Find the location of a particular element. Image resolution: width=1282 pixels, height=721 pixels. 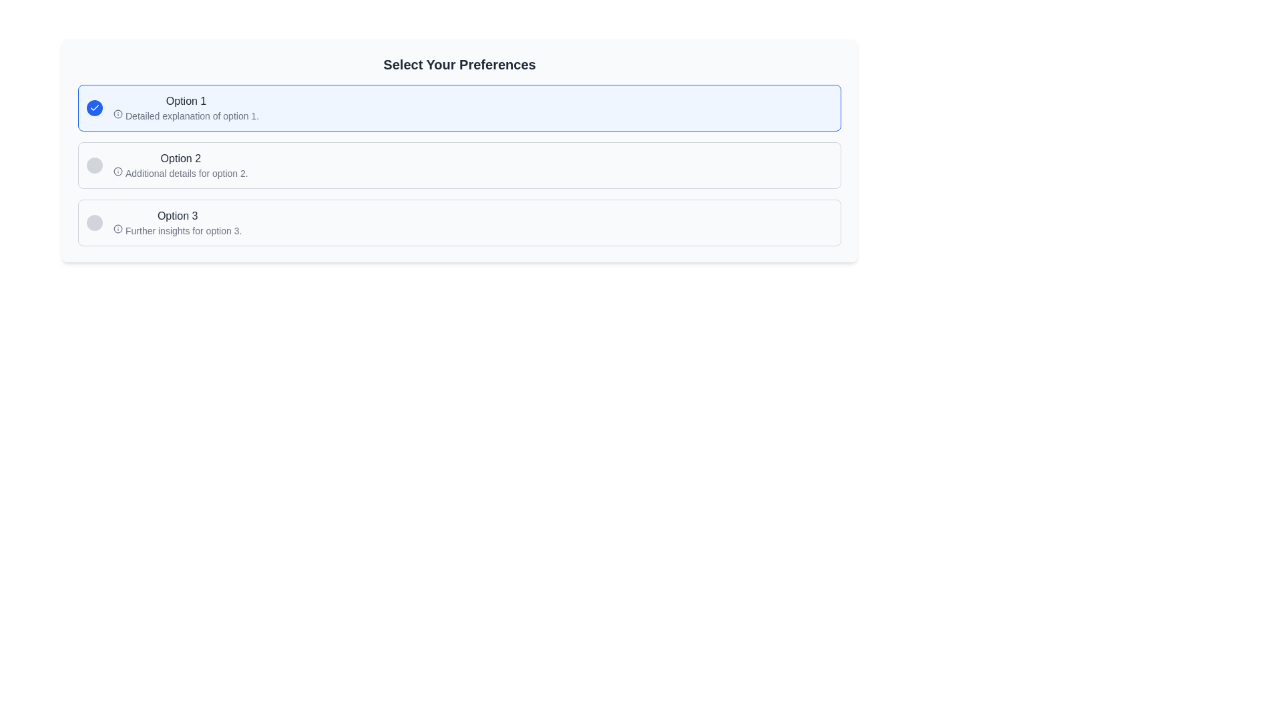

the static descriptive text providing additional information about 'Option 1', located directly beneath the 'Option 1' text is located at coordinates (185, 115).